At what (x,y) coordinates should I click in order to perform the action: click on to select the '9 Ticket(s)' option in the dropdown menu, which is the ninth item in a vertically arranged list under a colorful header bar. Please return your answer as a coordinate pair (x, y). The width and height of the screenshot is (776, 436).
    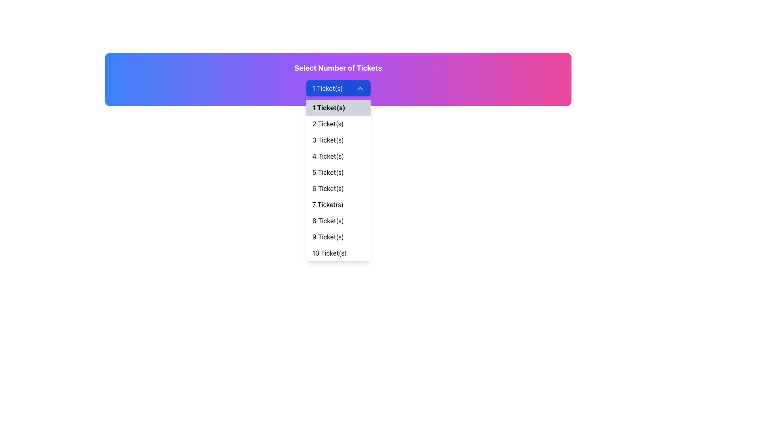
    Looking at the image, I should click on (338, 236).